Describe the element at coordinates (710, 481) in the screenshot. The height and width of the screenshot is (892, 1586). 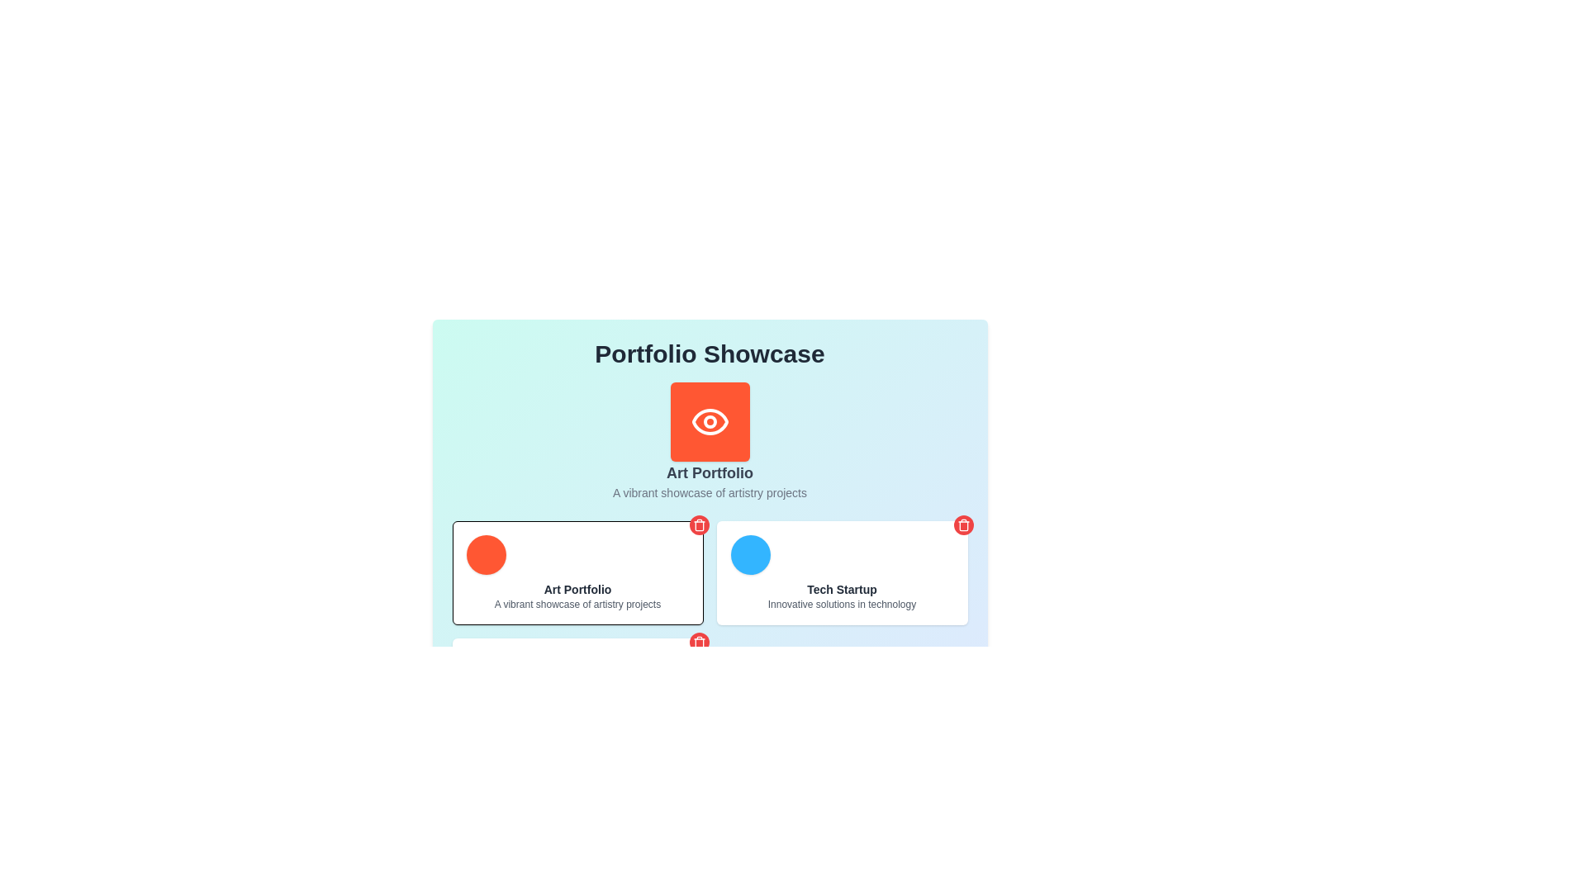
I see `the Text block that serves as a descriptive label for a section or component, providing a title and subtitle, located near the center of the interface beneath a circular icon with an eye symbol` at that location.